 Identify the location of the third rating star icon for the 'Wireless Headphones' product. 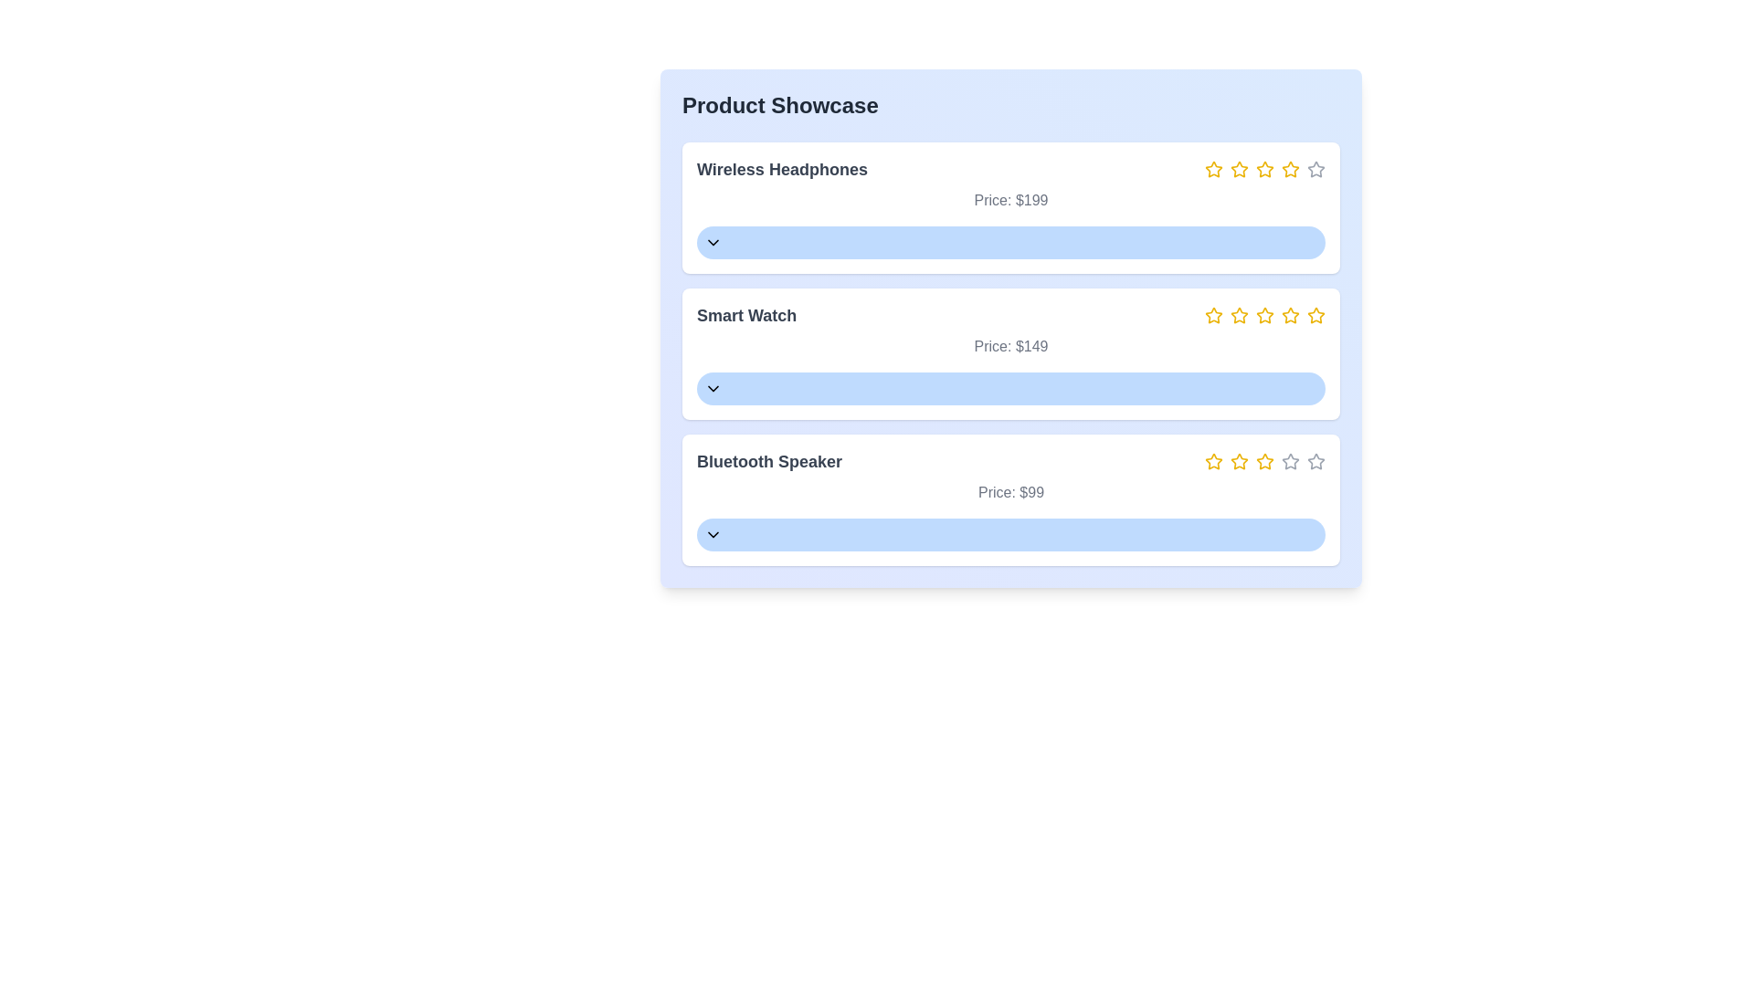
(1263, 169).